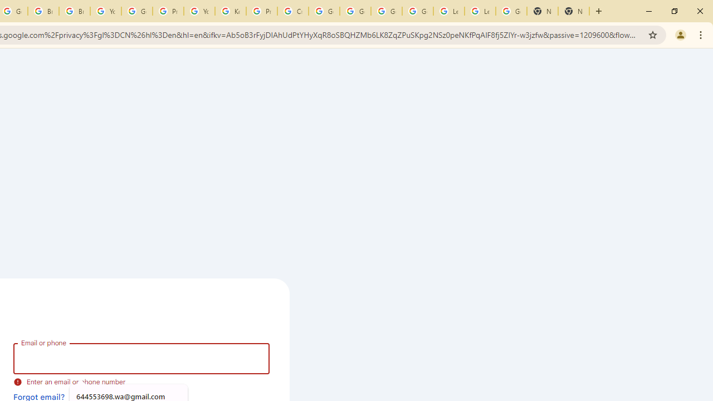  I want to click on 'Create your Google Account', so click(293, 11).